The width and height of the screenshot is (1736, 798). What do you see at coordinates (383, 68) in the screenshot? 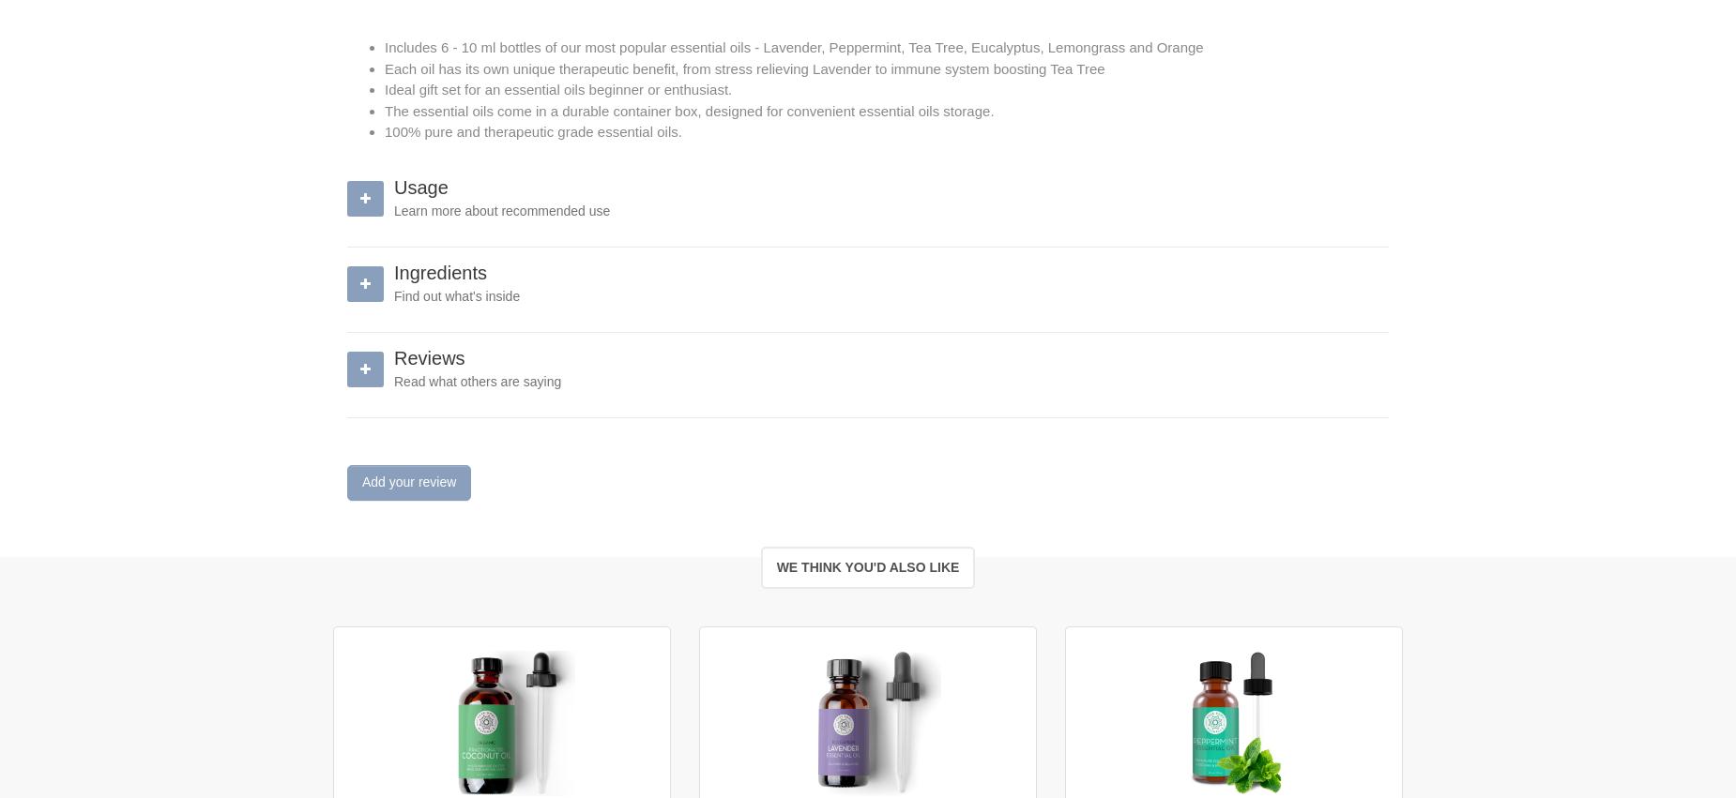
I see `'Each oil has its own unique therapeutic benefit, from stress relieving Lavender to immune system boosting Tea Tree'` at bounding box center [383, 68].